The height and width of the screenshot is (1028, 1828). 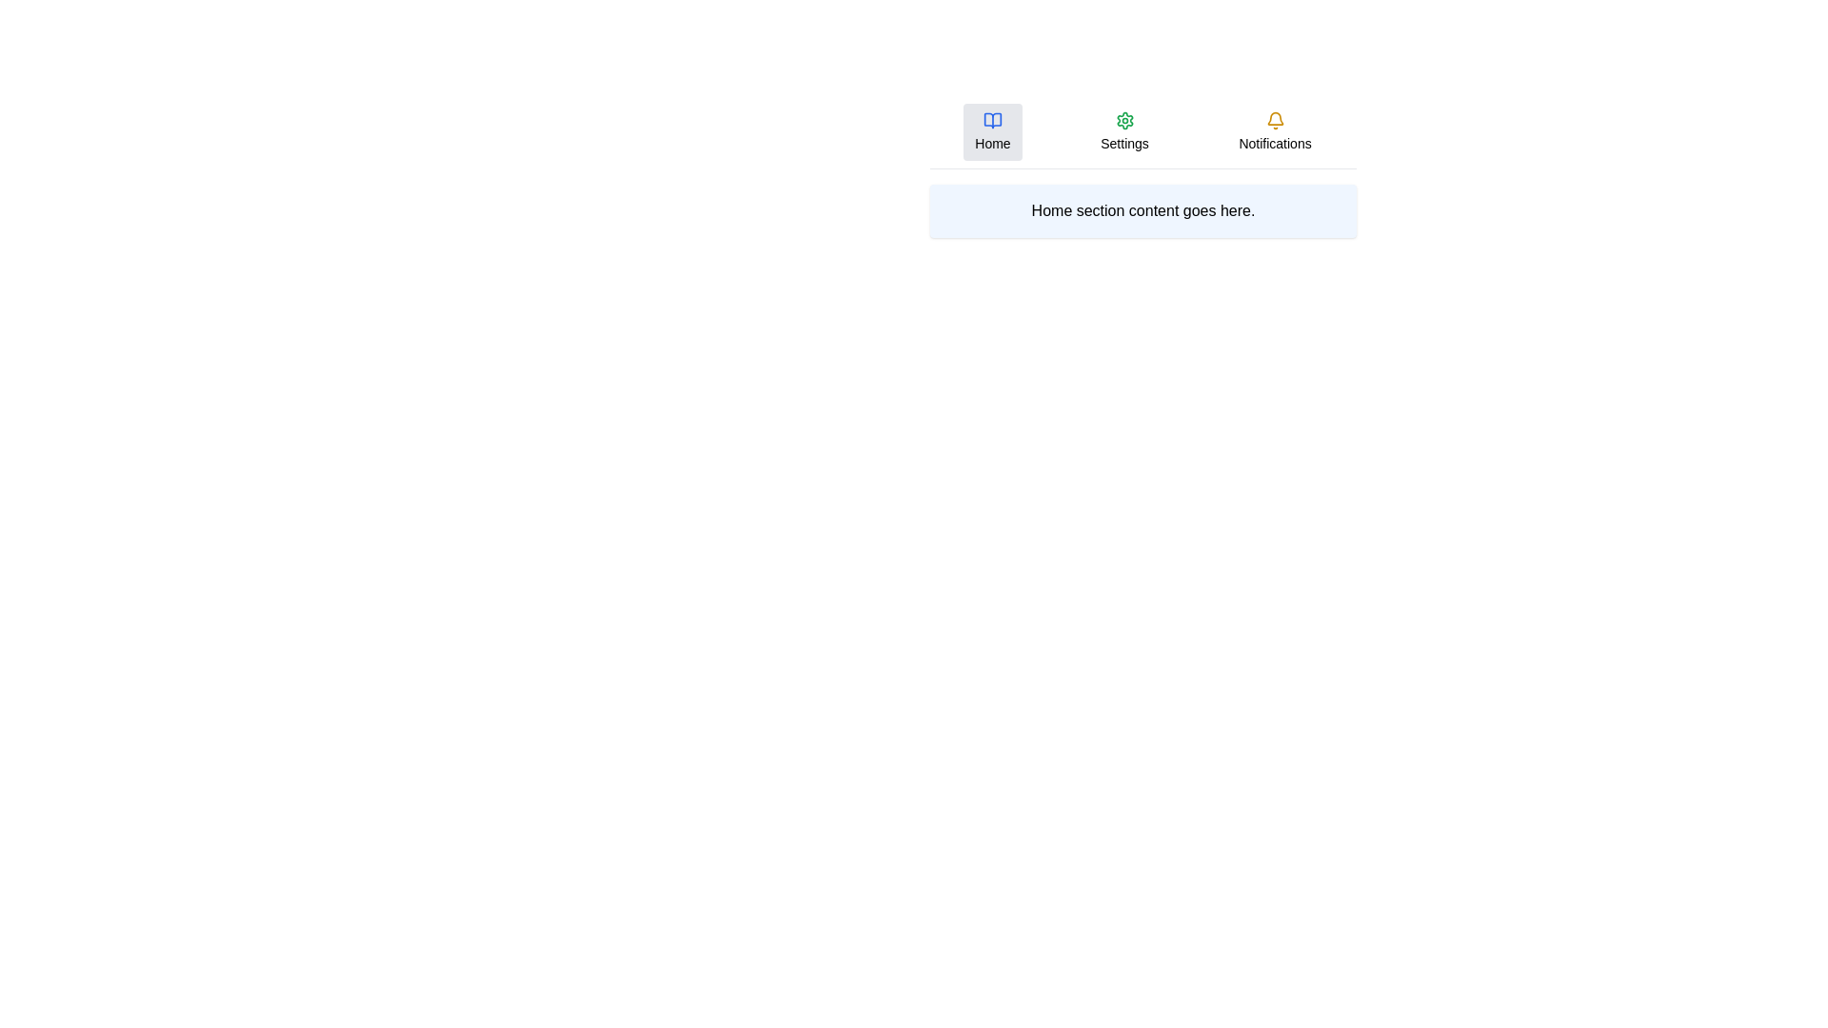 What do you see at coordinates (1275, 130) in the screenshot?
I see `the Notifications tab by clicking on it` at bounding box center [1275, 130].